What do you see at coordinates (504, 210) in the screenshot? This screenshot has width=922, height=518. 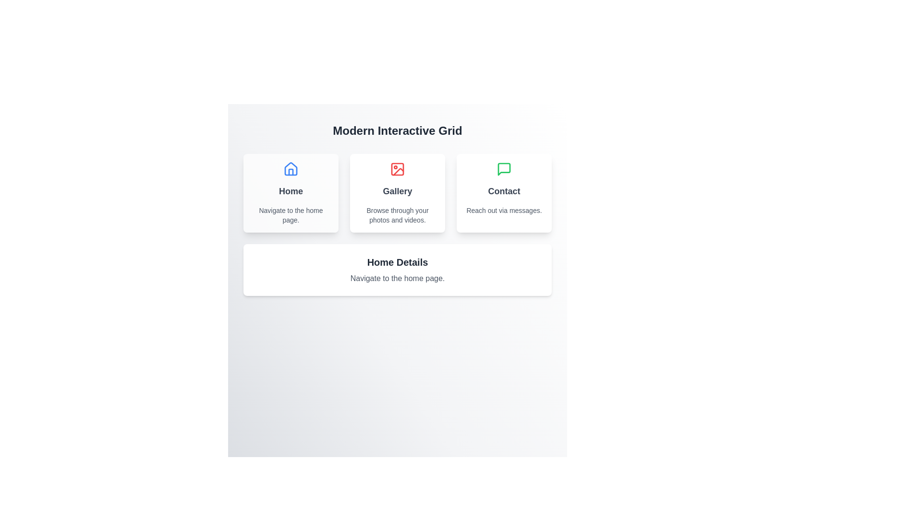 I see `the text label element that displays 'Reach out via messages.' located at the bottom of the 'Contact' card` at bounding box center [504, 210].